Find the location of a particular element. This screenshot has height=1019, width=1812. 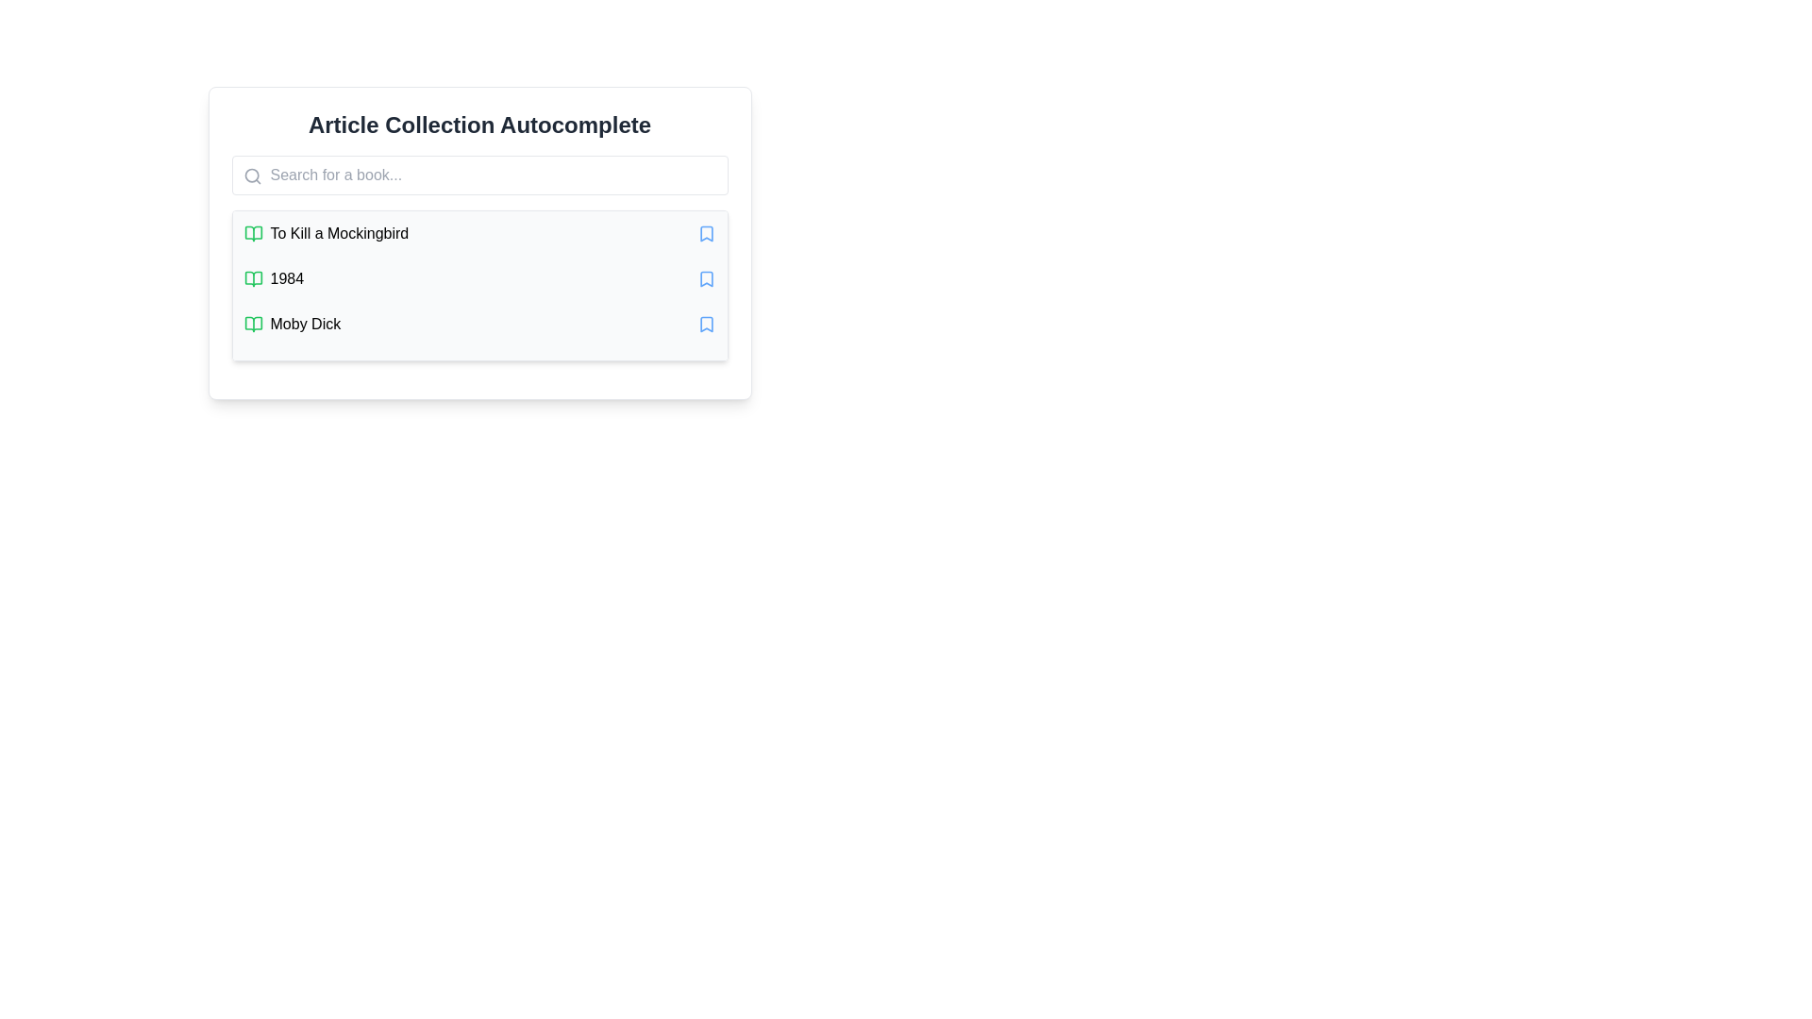

the text label displaying 'To Kill a Mockingbird' is located at coordinates (339, 232).